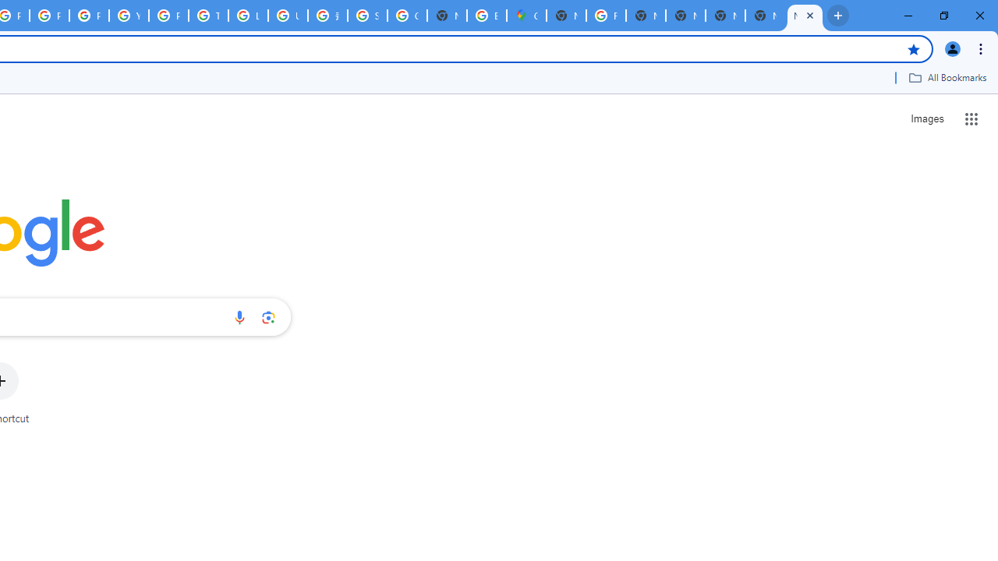 The image size is (998, 561). What do you see at coordinates (50, 16) in the screenshot?
I see `'Privacy Help Center - Policies Help'` at bounding box center [50, 16].